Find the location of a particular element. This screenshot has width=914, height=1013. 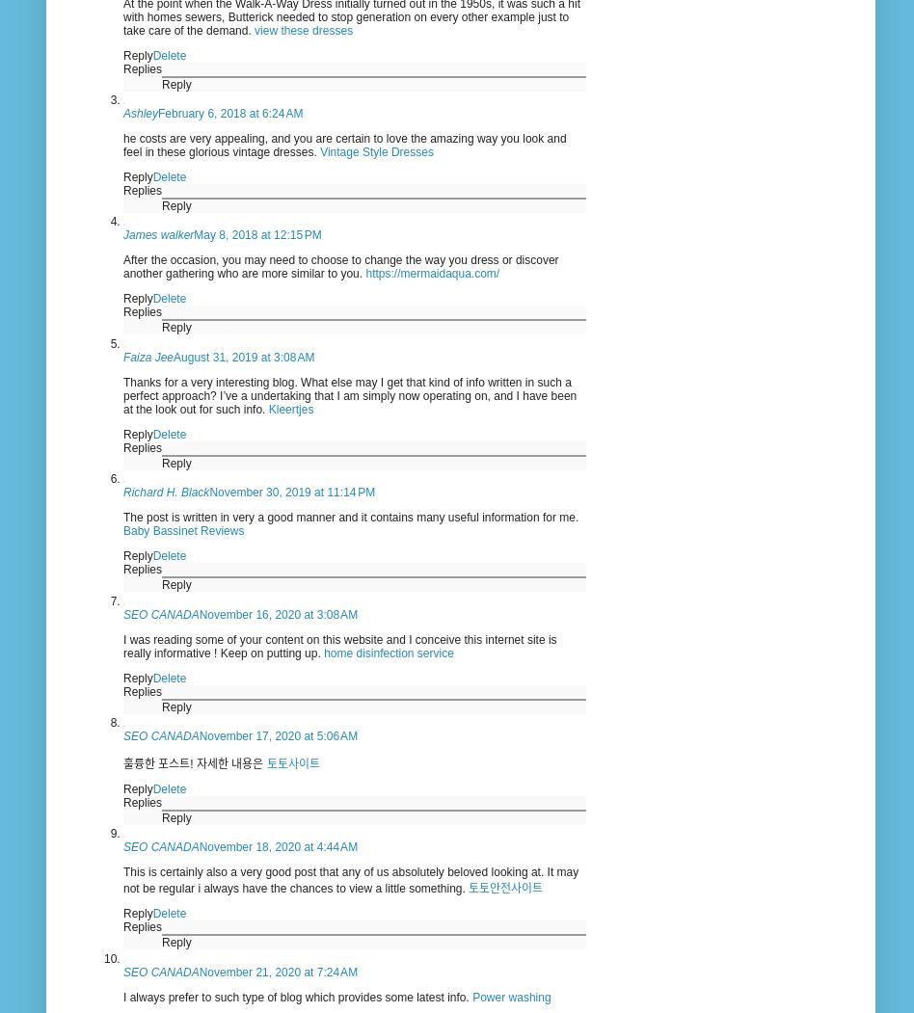

'Baby Bassinet Reviews' is located at coordinates (121, 530).